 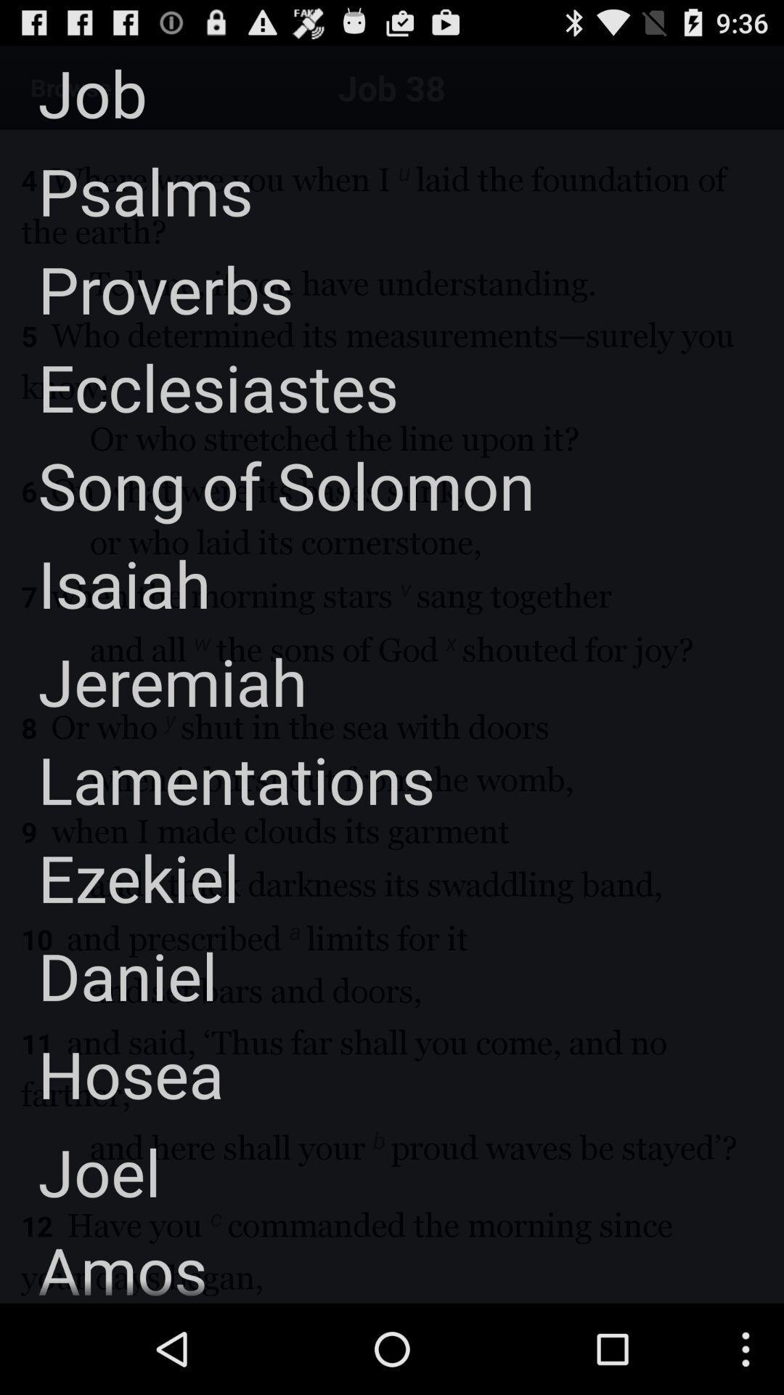 I want to click on the lamentations icon, so click(x=217, y=778).